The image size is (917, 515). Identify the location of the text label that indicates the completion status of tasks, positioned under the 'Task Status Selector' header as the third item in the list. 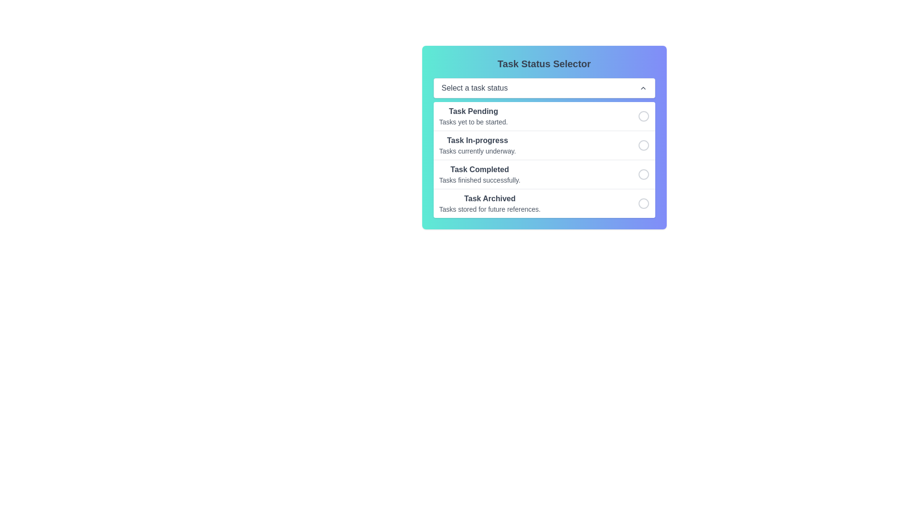
(480, 175).